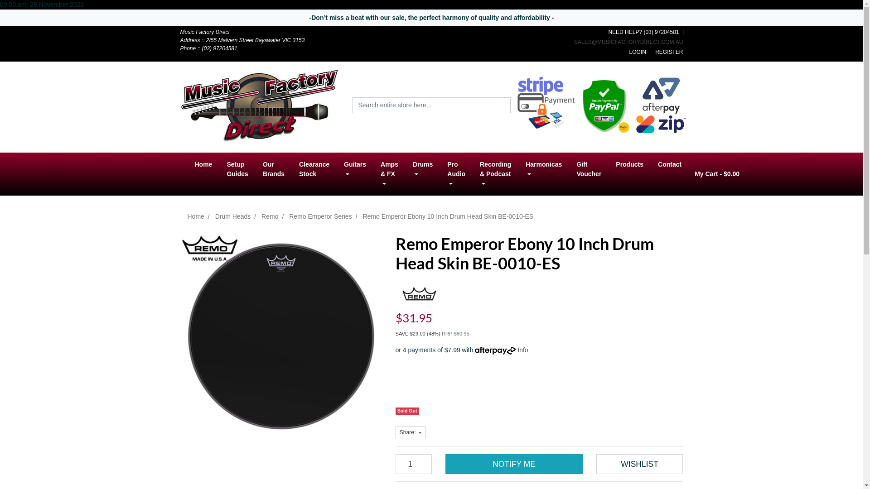 The height and width of the screenshot is (489, 870). What do you see at coordinates (544, 169) in the screenshot?
I see `'Harmonicas'` at bounding box center [544, 169].